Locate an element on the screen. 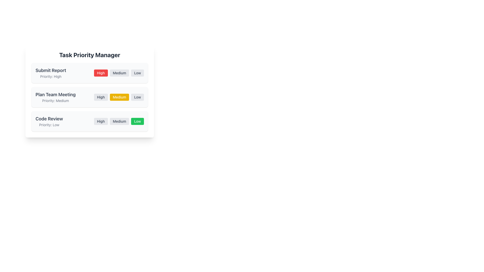 The image size is (484, 272). the 'Low' button in the Button group to set low priority, which is located in the 'Code Review' section and has a green background is located at coordinates (118, 121).